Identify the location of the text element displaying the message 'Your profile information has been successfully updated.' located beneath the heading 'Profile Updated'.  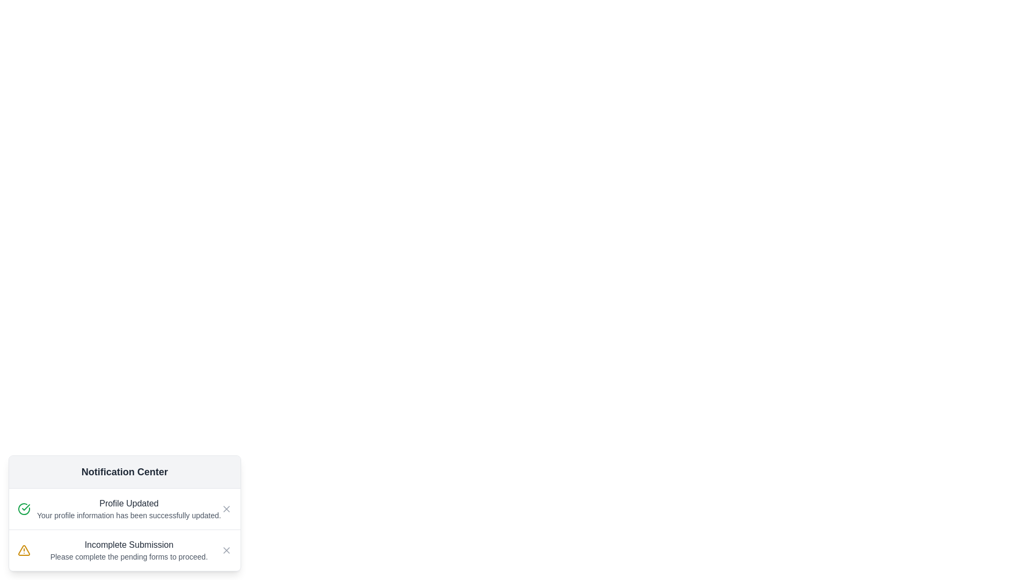
(129, 515).